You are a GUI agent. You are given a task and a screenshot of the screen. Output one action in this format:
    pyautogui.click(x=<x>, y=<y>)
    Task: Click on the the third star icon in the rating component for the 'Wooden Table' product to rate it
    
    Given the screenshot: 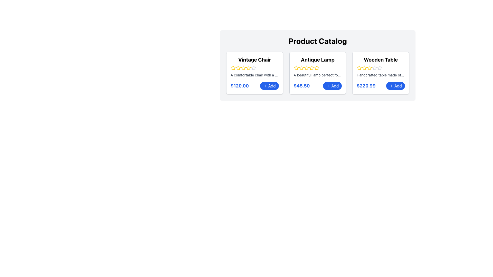 What is the action you would take?
    pyautogui.click(x=369, y=67)
    